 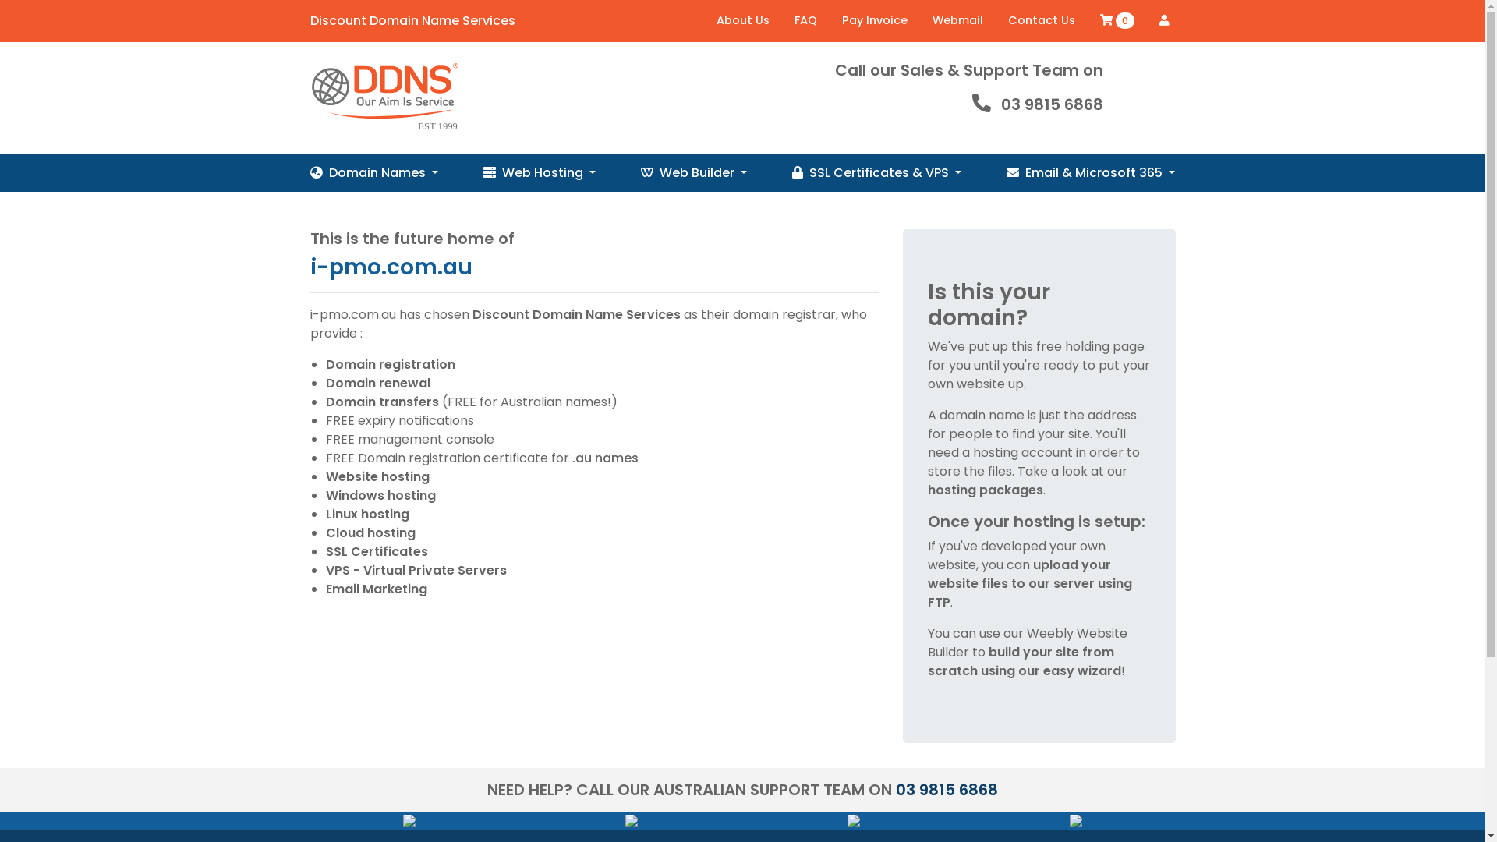 What do you see at coordinates (876, 173) in the screenshot?
I see `'SSL Certificates & VPS'` at bounding box center [876, 173].